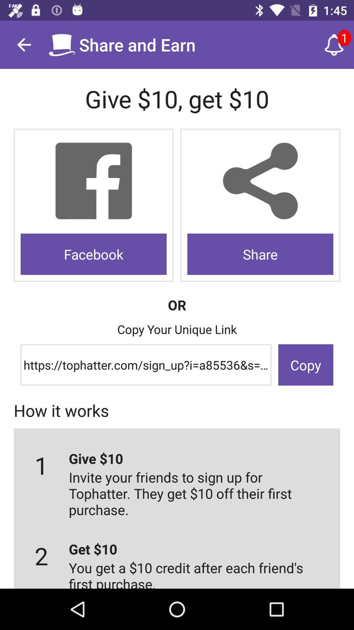 Image resolution: width=354 pixels, height=630 pixels. I want to click on the icon to the left of share icon, so click(93, 254).